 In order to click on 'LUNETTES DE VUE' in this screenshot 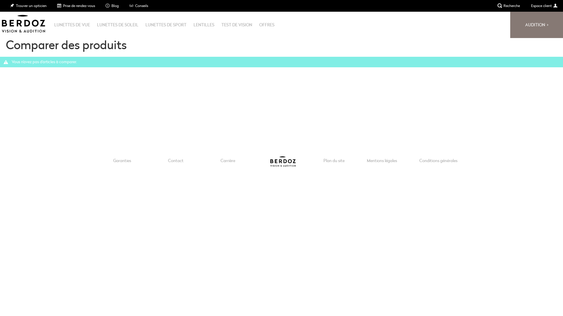, I will do `click(72, 24)`.